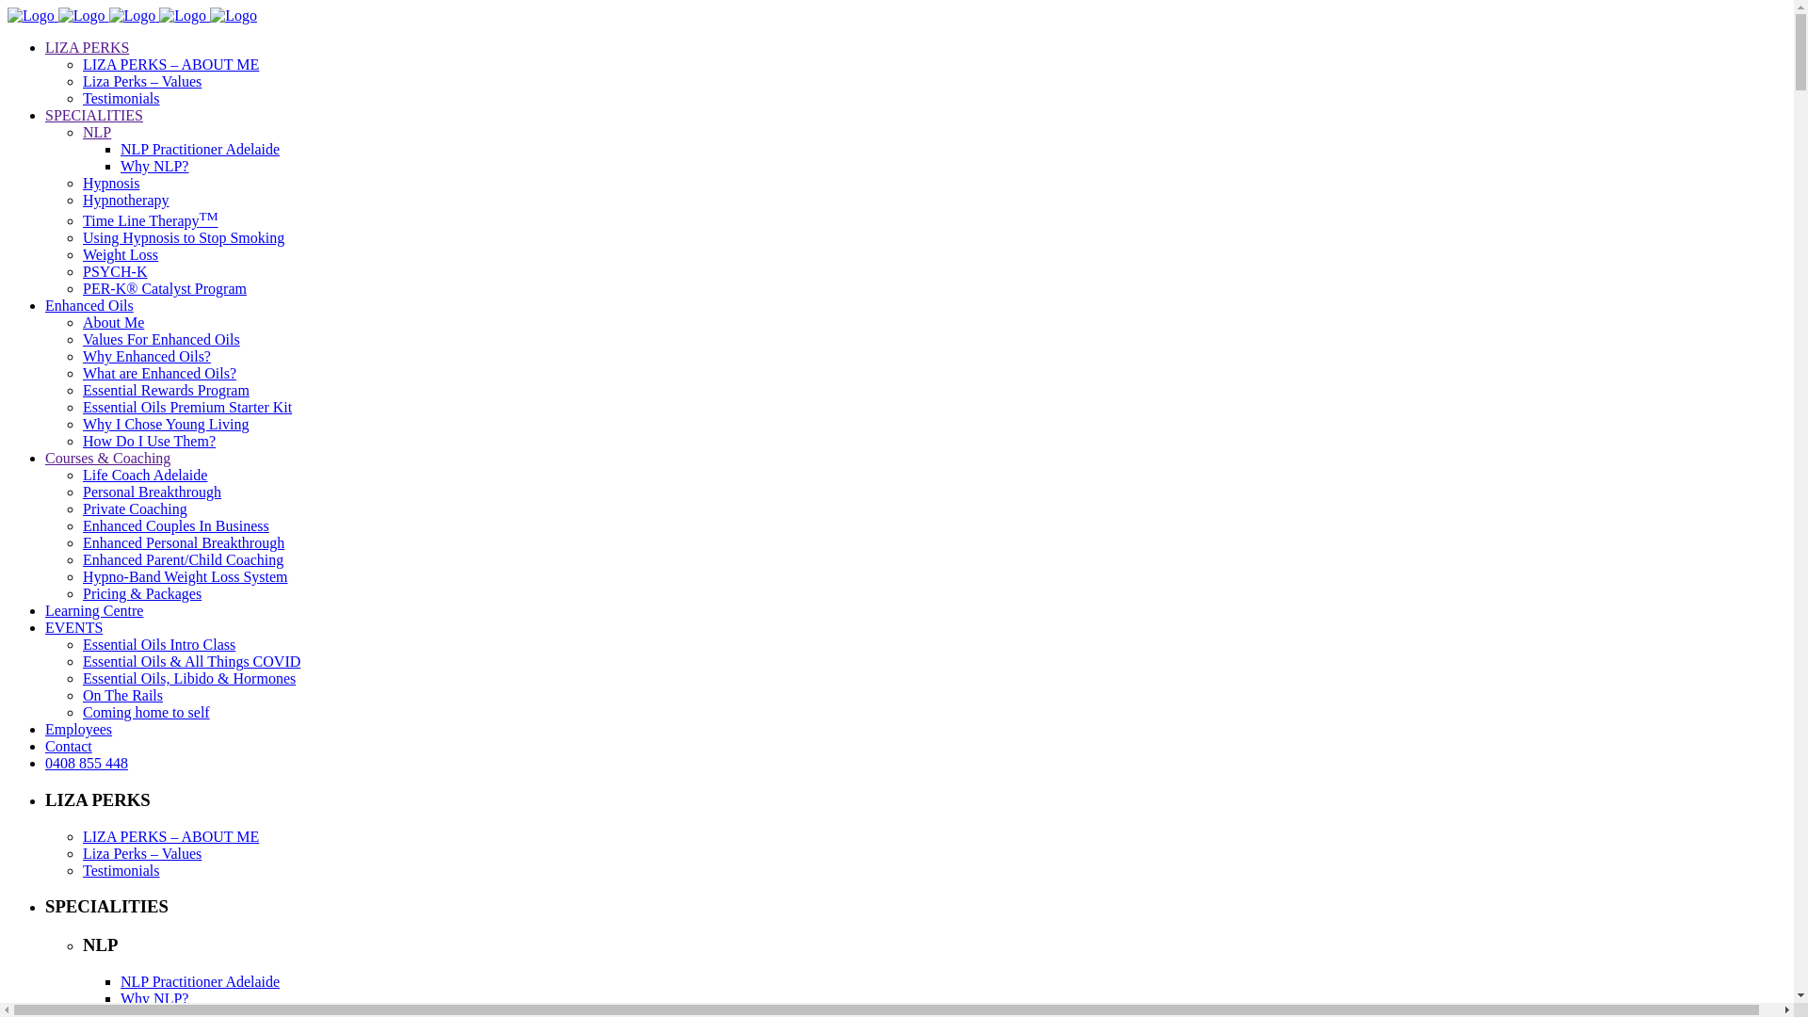 Image resolution: width=1808 pixels, height=1017 pixels. I want to click on 'What are Enhanced Oils?', so click(159, 373).